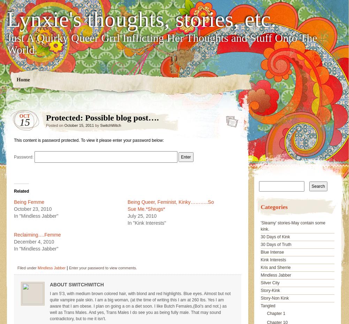  I want to click on 'Tangled', so click(267, 306).